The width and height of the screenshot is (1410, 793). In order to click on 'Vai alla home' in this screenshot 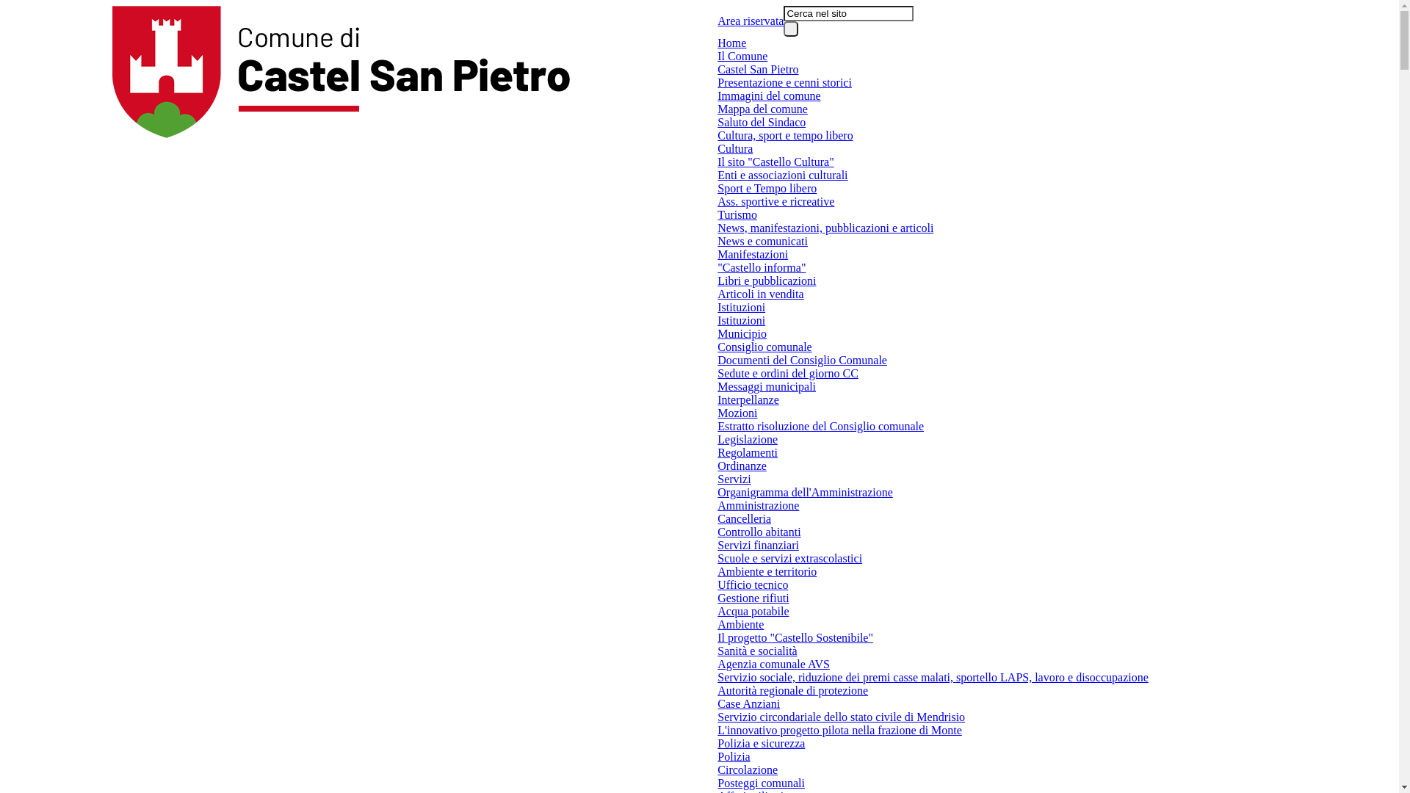, I will do `click(340, 71)`.